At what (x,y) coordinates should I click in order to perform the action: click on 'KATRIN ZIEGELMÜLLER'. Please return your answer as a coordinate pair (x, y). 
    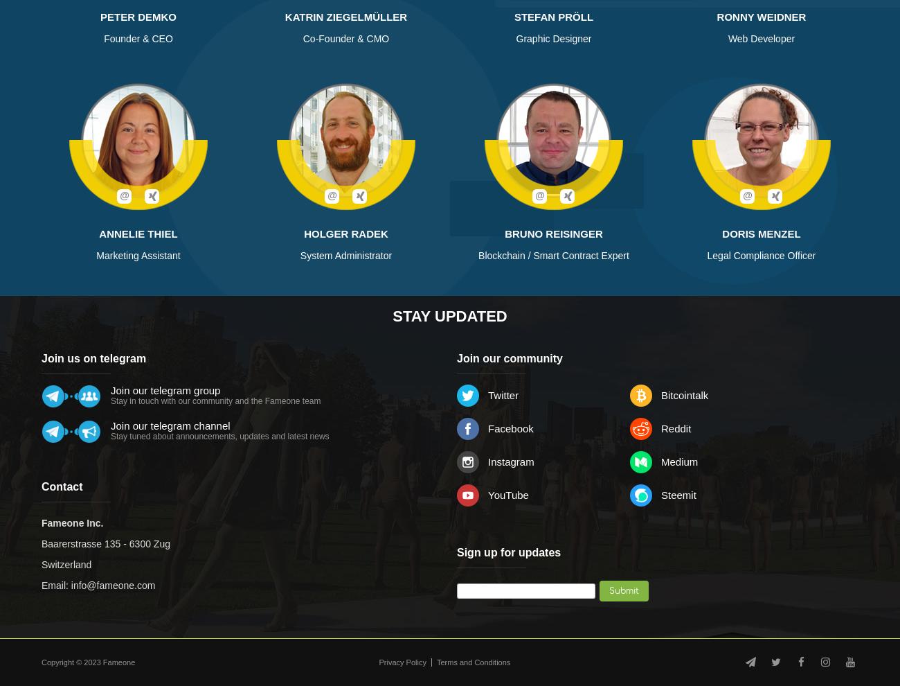
    Looking at the image, I should click on (285, 16).